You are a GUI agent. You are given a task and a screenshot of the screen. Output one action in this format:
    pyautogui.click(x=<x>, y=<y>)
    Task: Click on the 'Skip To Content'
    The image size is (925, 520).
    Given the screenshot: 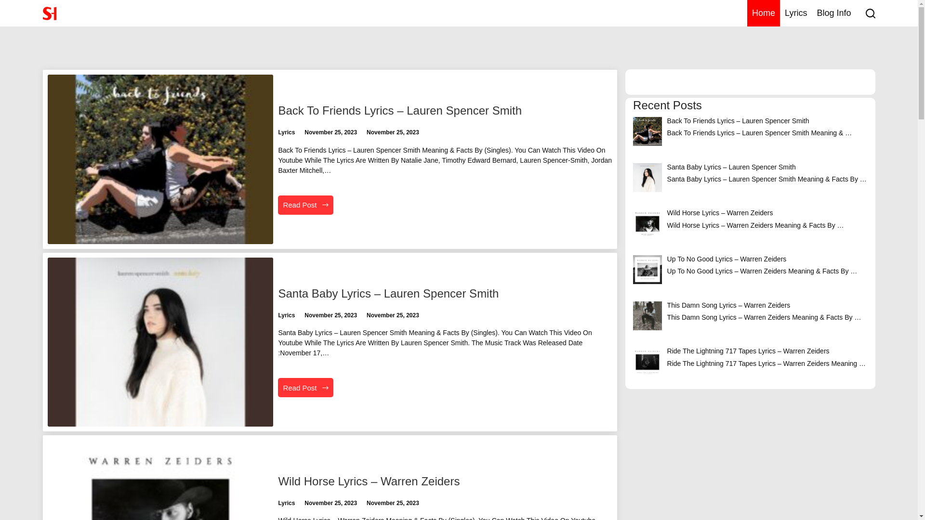 What is the action you would take?
    pyautogui.click(x=9, y=5)
    